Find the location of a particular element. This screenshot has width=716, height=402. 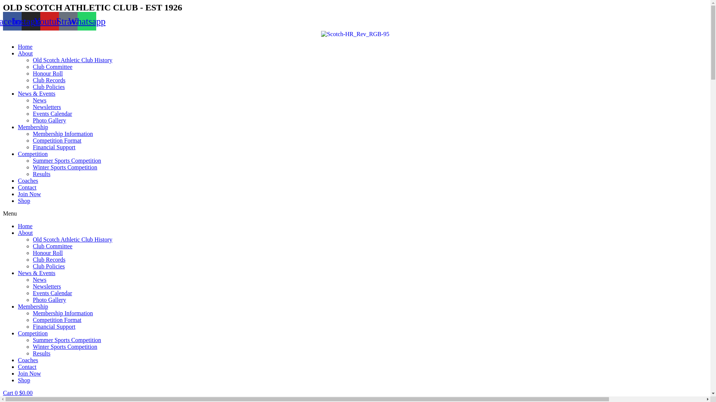

'About' is located at coordinates (25, 232).